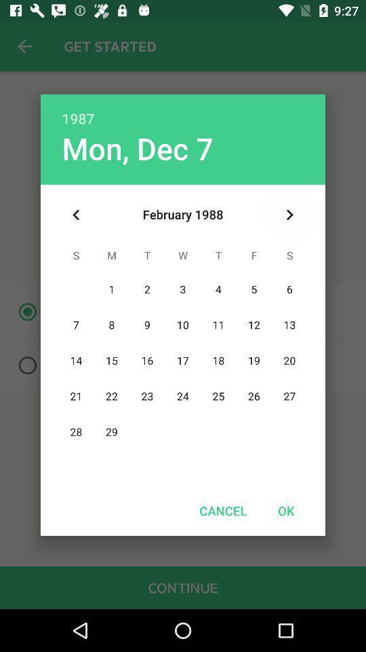 The height and width of the screenshot is (652, 366). What do you see at coordinates (76, 215) in the screenshot?
I see `the icon at the top left corner` at bounding box center [76, 215].